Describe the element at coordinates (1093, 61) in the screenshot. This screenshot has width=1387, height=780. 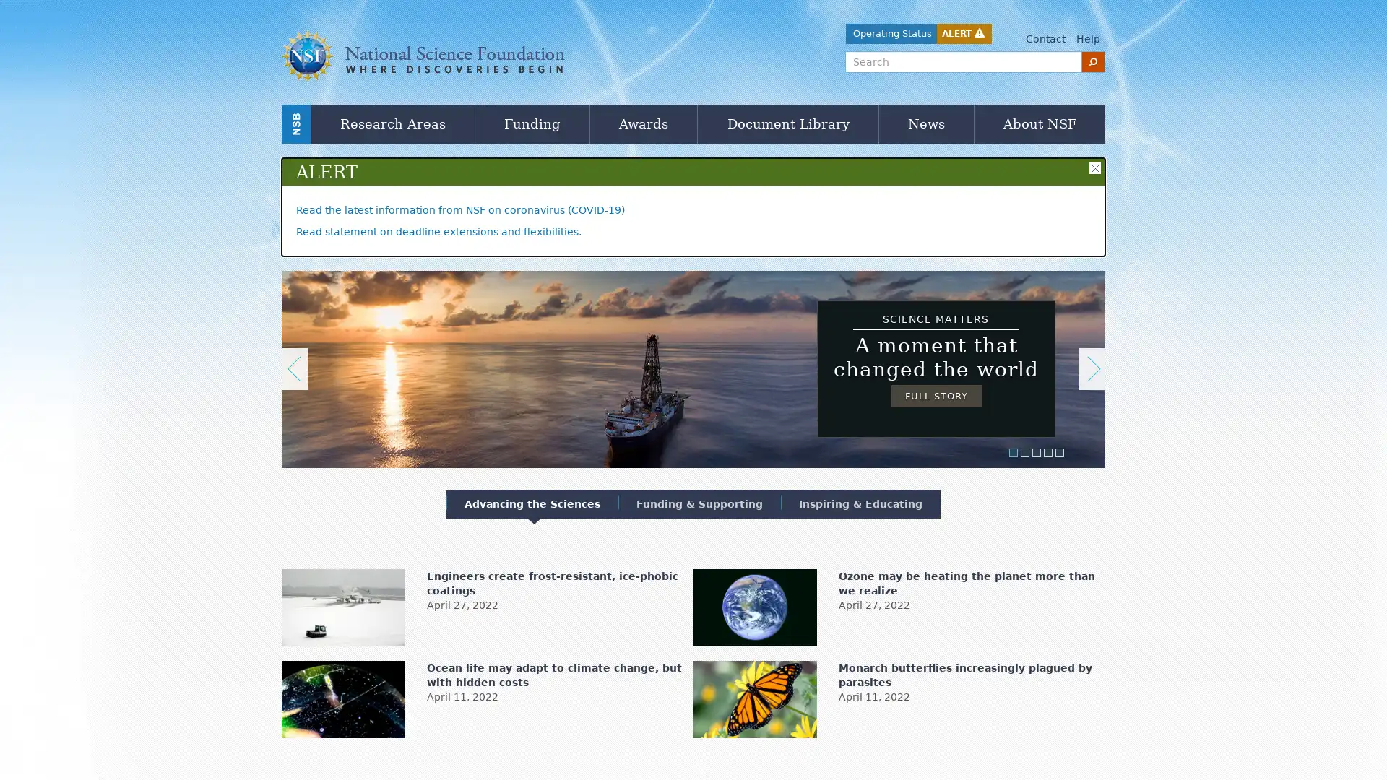
I see `search` at that location.